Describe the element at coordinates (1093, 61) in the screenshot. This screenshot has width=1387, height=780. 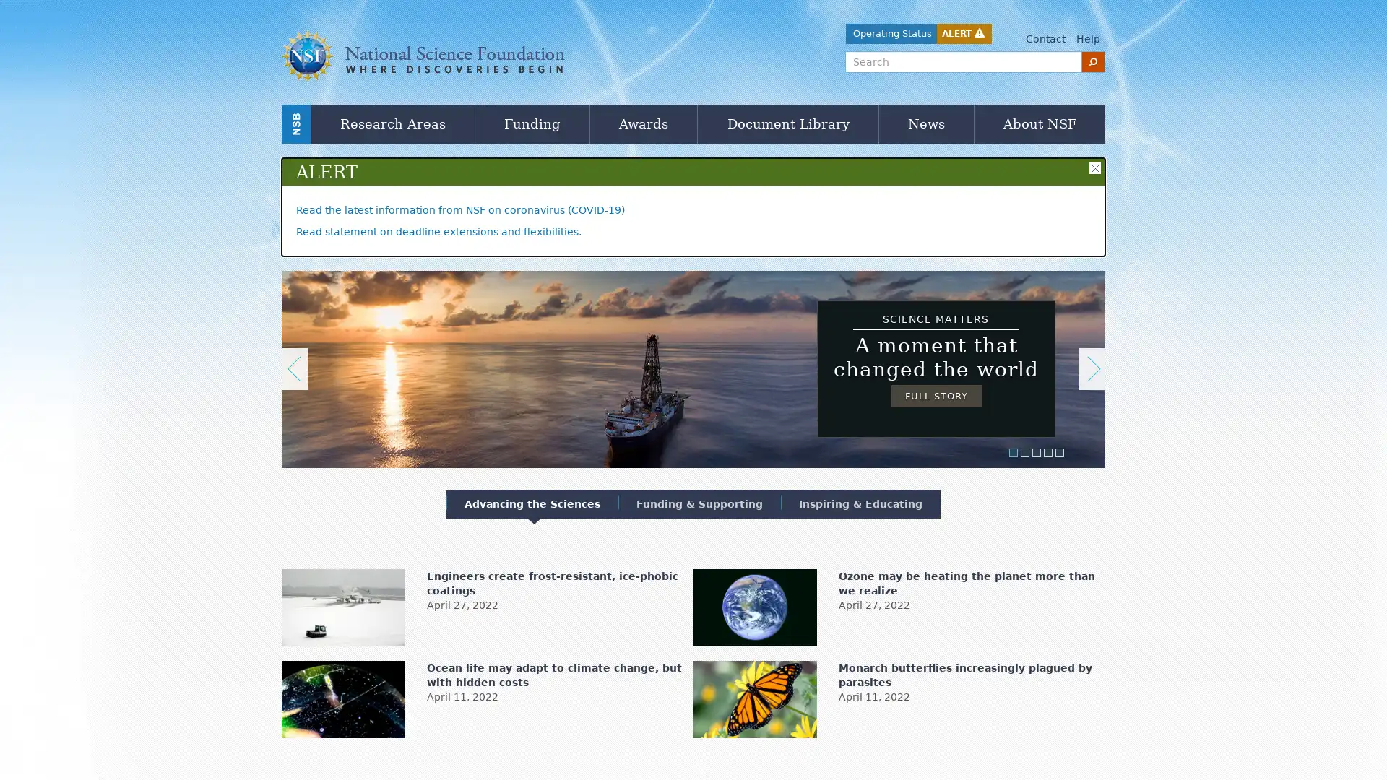
I see `search` at that location.